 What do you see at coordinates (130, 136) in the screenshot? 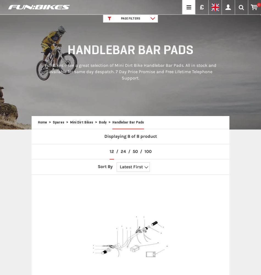
I see `'Displaying 8 of 8 product'` at bounding box center [130, 136].